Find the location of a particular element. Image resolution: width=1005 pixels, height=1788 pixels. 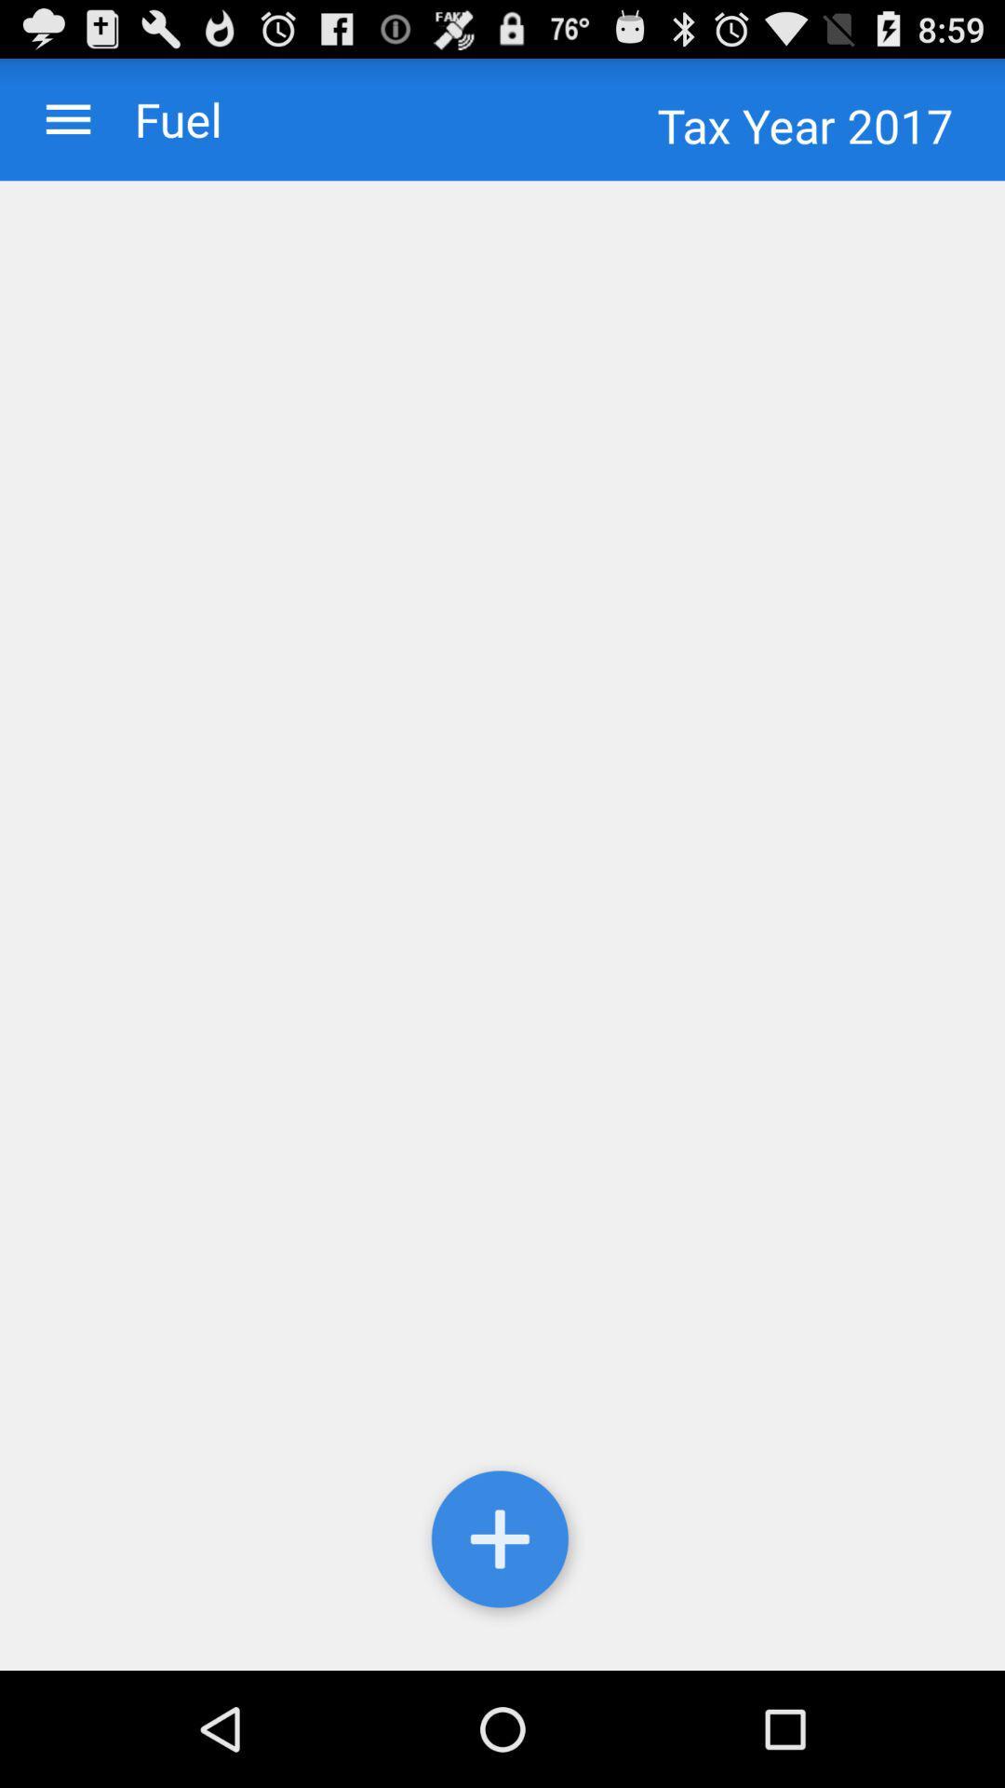

fuel icon is located at coordinates (158, 118).